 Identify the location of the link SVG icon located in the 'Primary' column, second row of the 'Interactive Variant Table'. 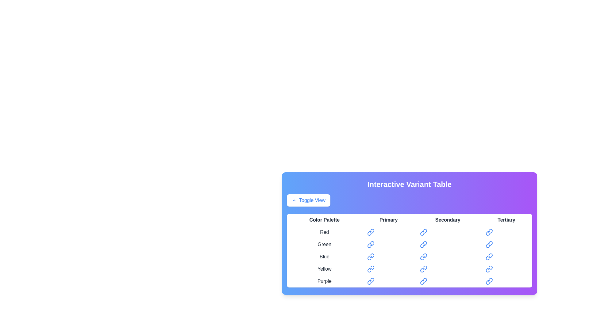
(370, 244).